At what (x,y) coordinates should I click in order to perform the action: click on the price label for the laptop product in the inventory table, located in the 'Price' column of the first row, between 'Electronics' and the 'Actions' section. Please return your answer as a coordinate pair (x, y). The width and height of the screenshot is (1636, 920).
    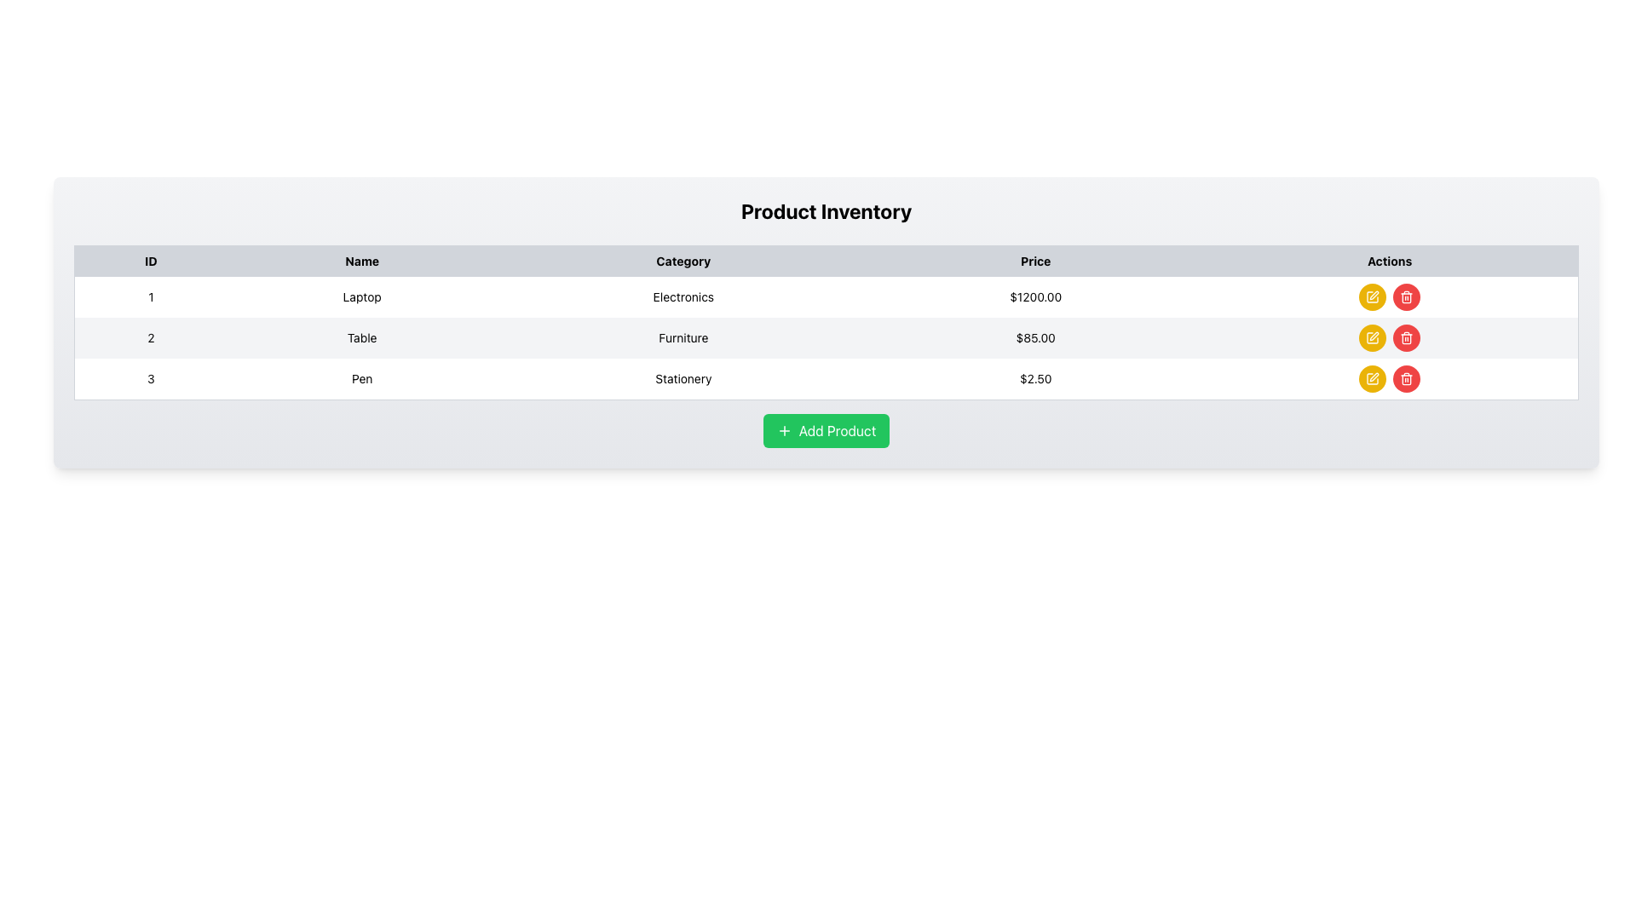
    Looking at the image, I should click on (1034, 296).